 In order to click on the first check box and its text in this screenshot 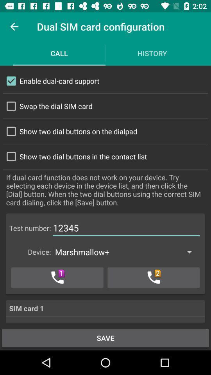, I will do `click(105, 81)`.